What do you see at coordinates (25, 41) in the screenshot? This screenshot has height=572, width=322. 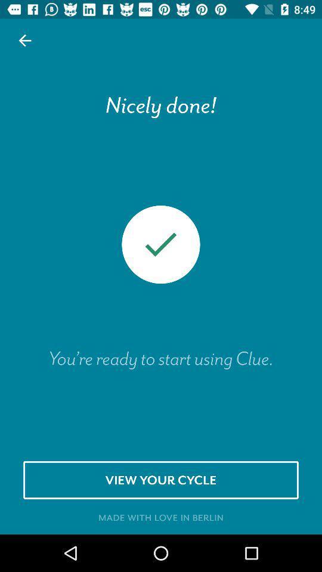 I see `the arrow_backward icon` at bounding box center [25, 41].